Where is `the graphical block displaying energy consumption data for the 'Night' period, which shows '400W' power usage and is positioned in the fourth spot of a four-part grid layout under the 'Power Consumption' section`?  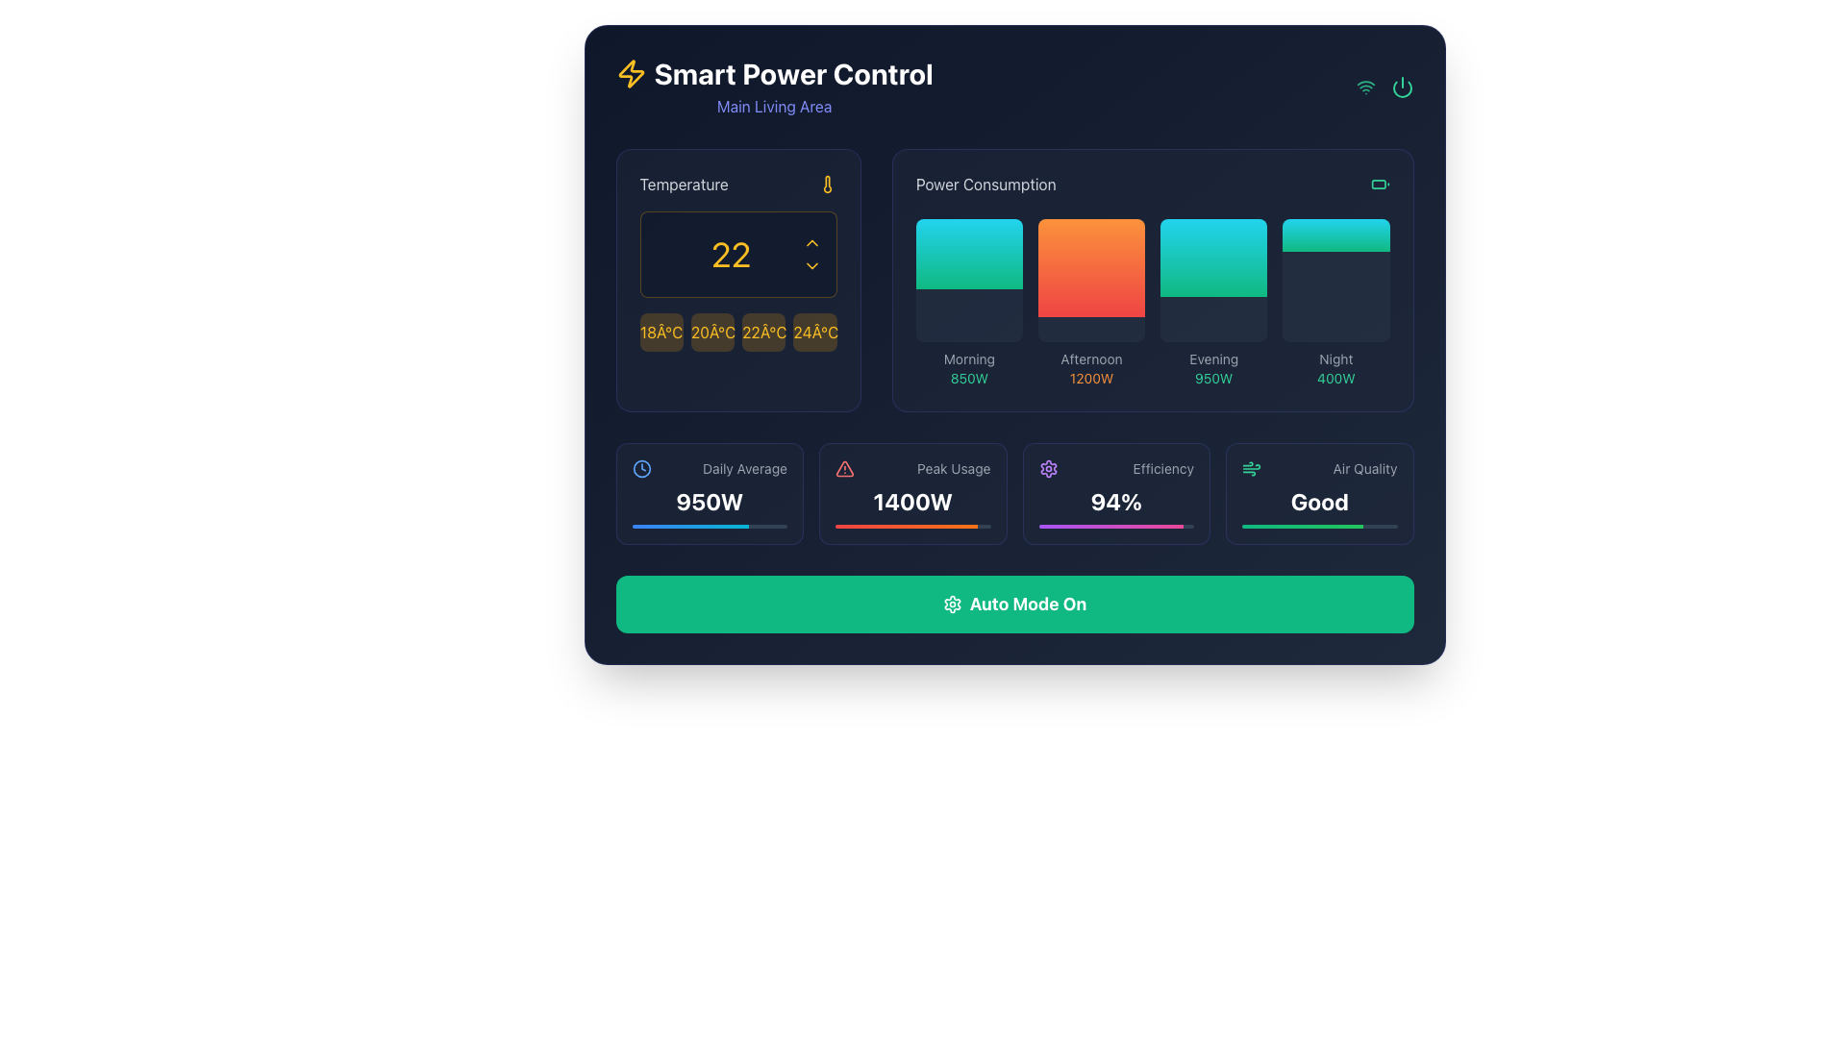 the graphical block displaying energy consumption data for the 'Night' period, which shows '400W' power usage and is positioned in the fourth spot of a four-part grid layout under the 'Power Consumption' section is located at coordinates (1335, 303).